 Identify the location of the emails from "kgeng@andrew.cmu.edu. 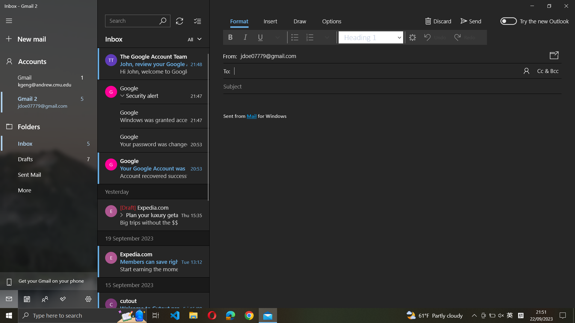
(193, 39).